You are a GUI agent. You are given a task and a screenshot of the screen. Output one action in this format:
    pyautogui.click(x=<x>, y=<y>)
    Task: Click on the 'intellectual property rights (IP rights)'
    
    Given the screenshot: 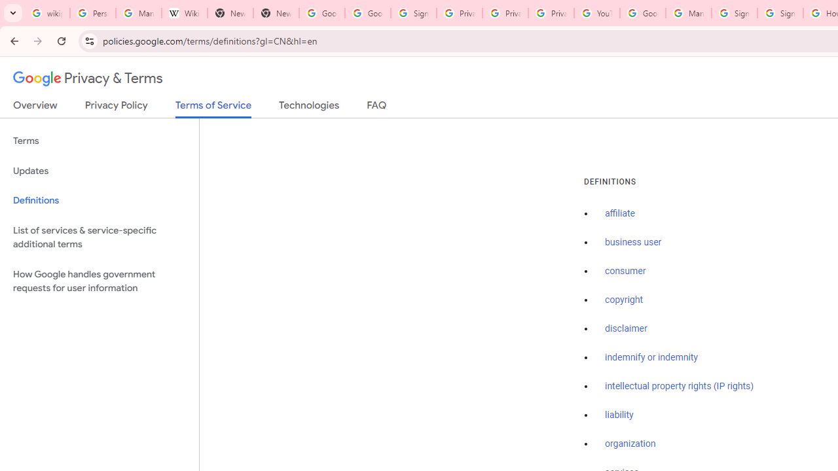 What is the action you would take?
    pyautogui.click(x=680, y=385)
    